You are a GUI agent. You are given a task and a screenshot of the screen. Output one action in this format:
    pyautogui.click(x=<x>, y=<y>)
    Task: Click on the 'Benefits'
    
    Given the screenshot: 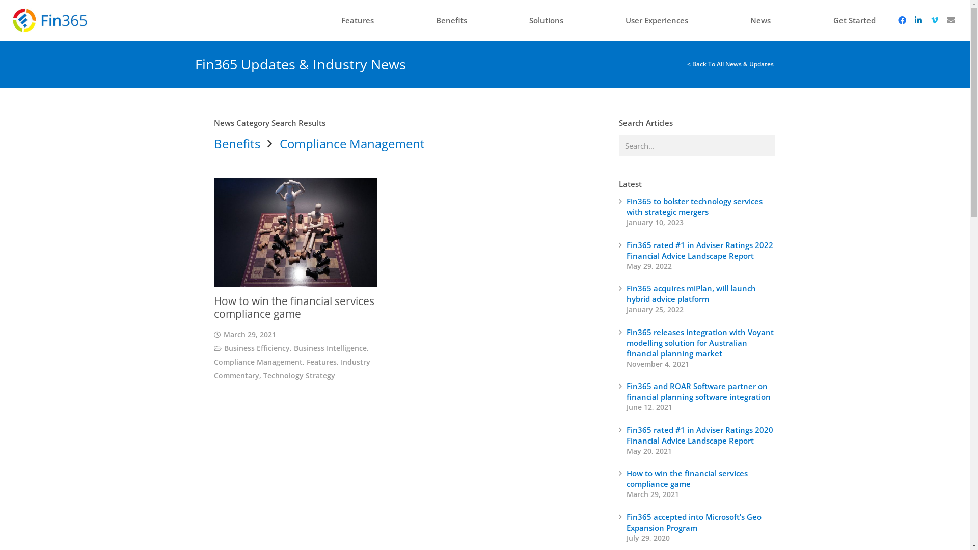 What is the action you would take?
    pyautogui.click(x=236, y=143)
    